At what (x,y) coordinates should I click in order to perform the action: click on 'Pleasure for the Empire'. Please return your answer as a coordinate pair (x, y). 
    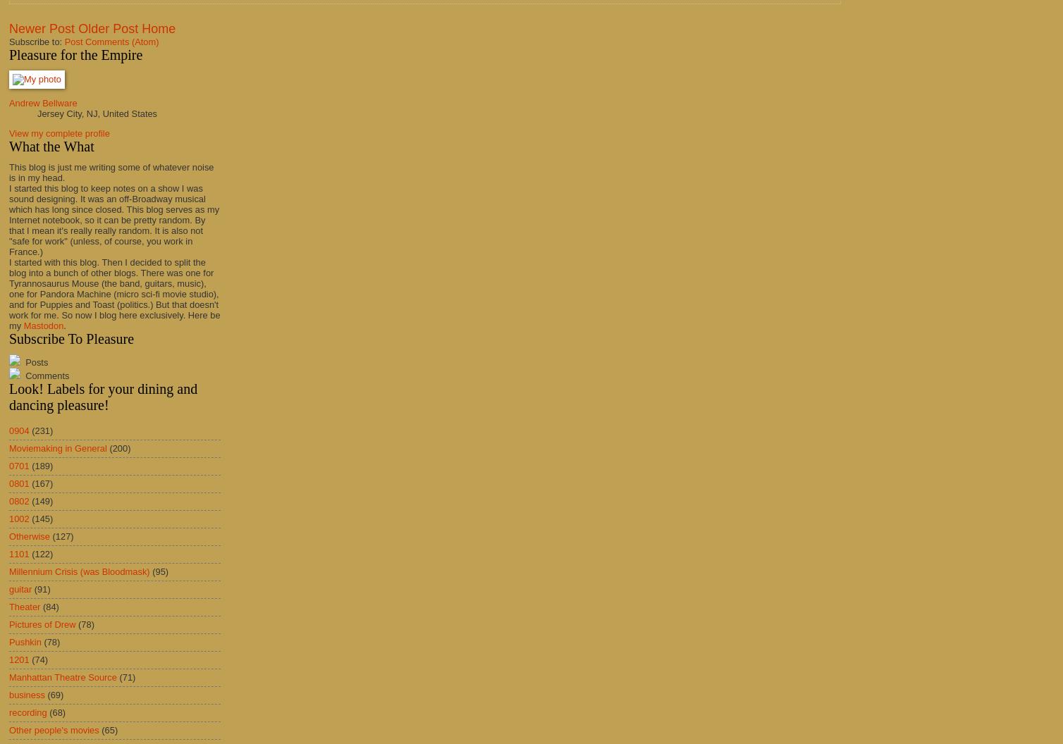
    Looking at the image, I should click on (75, 54).